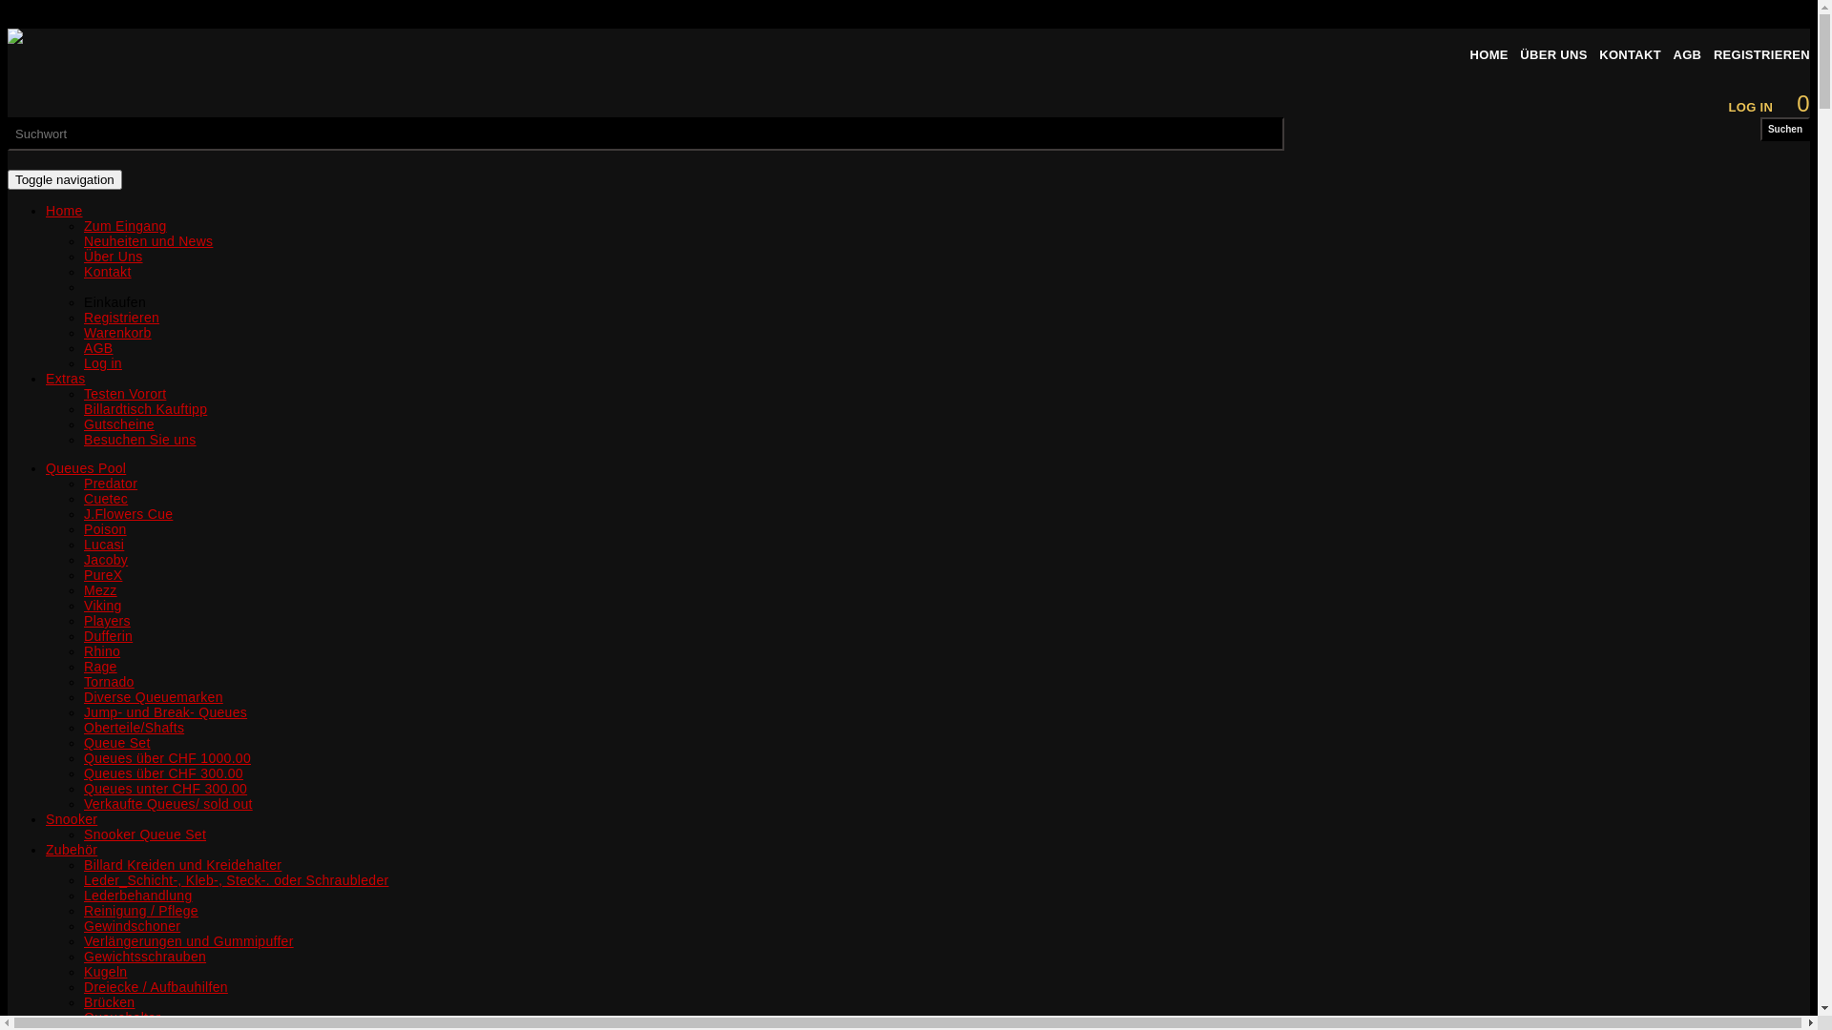 The width and height of the screenshot is (1832, 1030). Describe the element at coordinates (116, 331) in the screenshot. I see `'Warenkorb'` at that location.